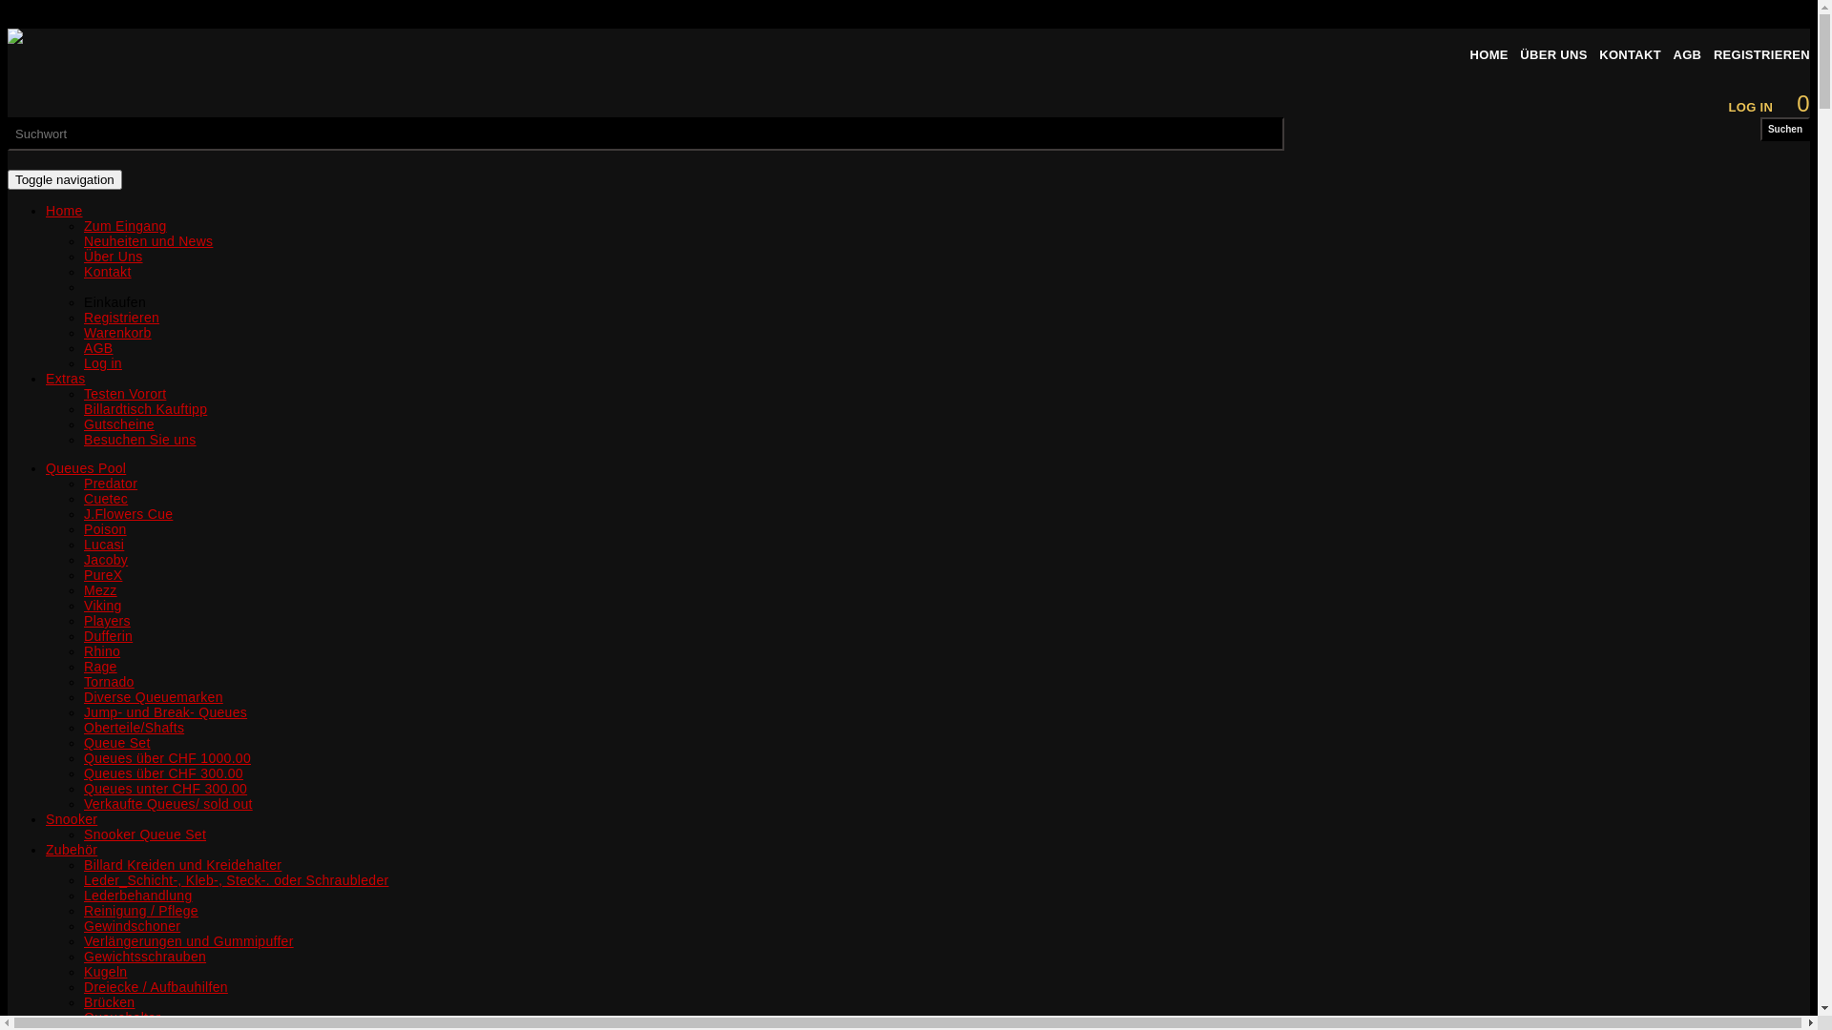 The width and height of the screenshot is (1832, 1030). Describe the element at coordinates (116, 331) in the screenshot. I see `'Warenkorb'` at that location.